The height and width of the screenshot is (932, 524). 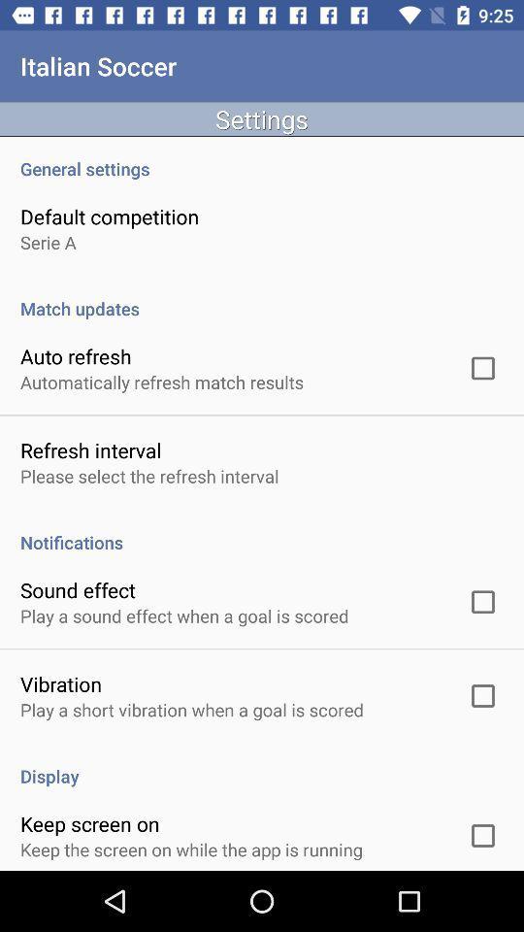 I want to click on the icon above the automatically refresh match app, so click(x=75, y=355).